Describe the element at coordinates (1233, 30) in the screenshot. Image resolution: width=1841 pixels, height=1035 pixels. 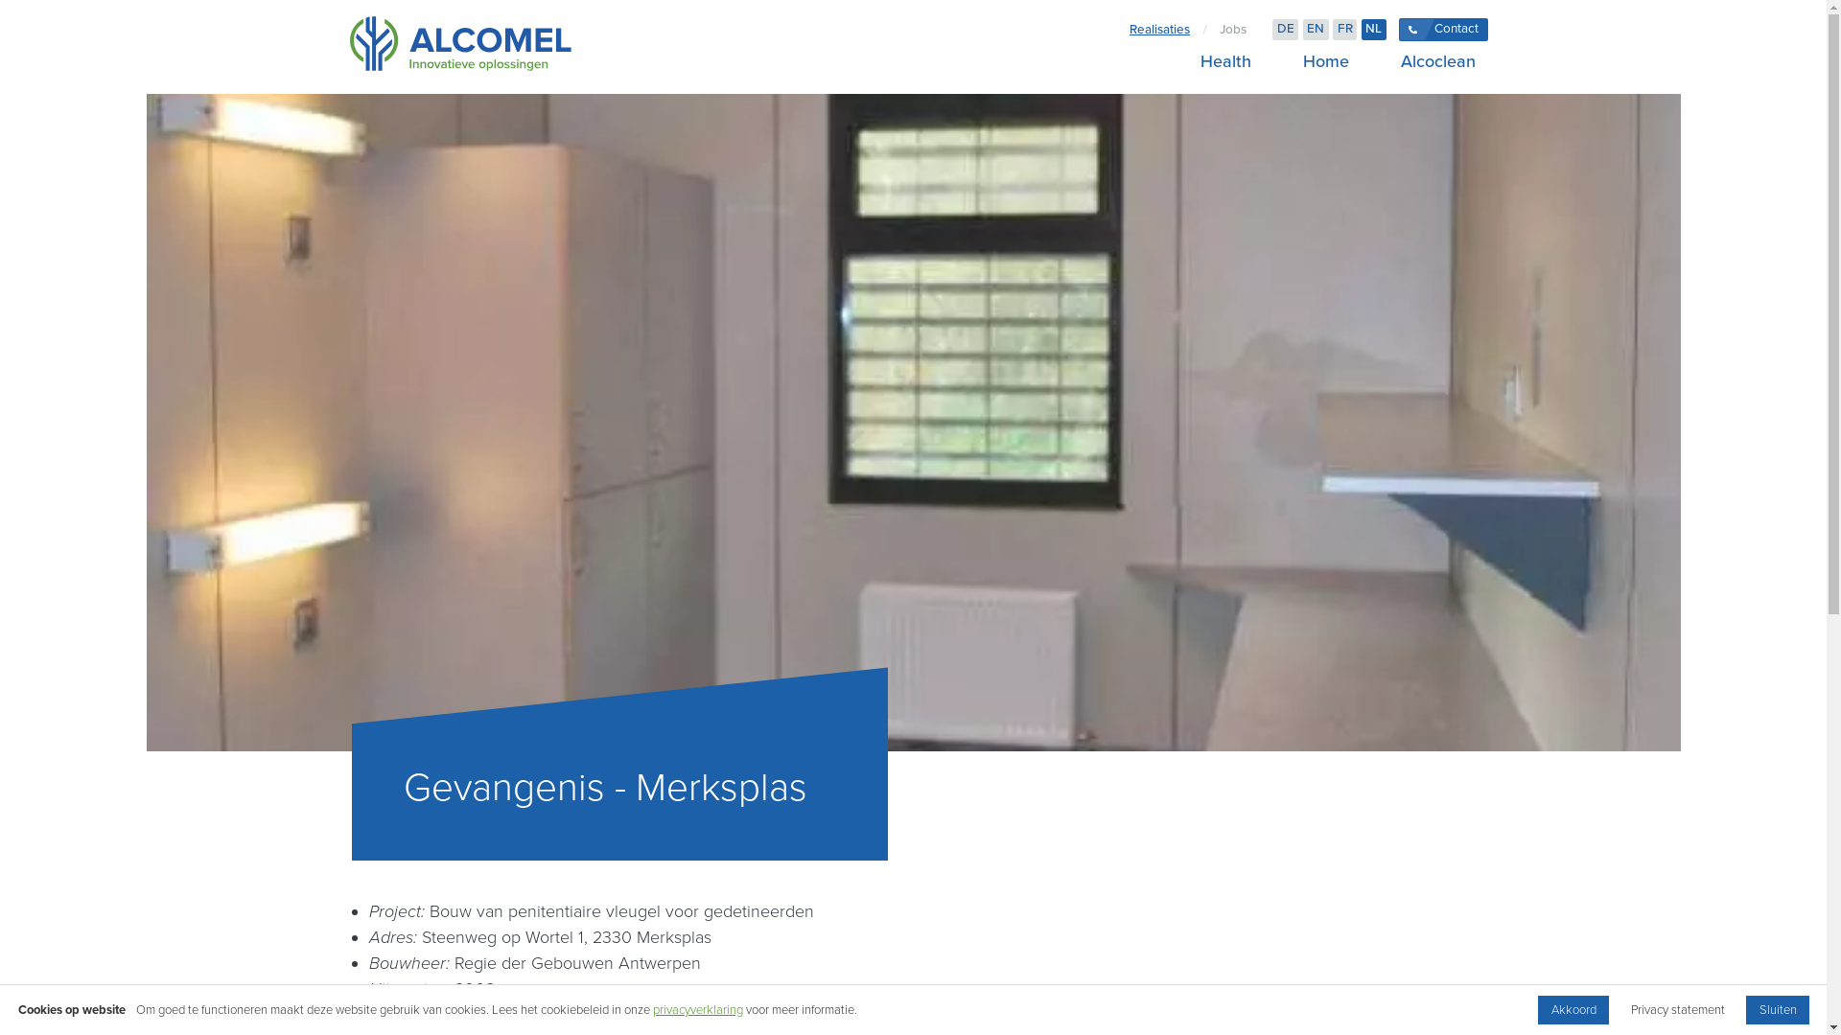
I see `'Jobs'` at that location.